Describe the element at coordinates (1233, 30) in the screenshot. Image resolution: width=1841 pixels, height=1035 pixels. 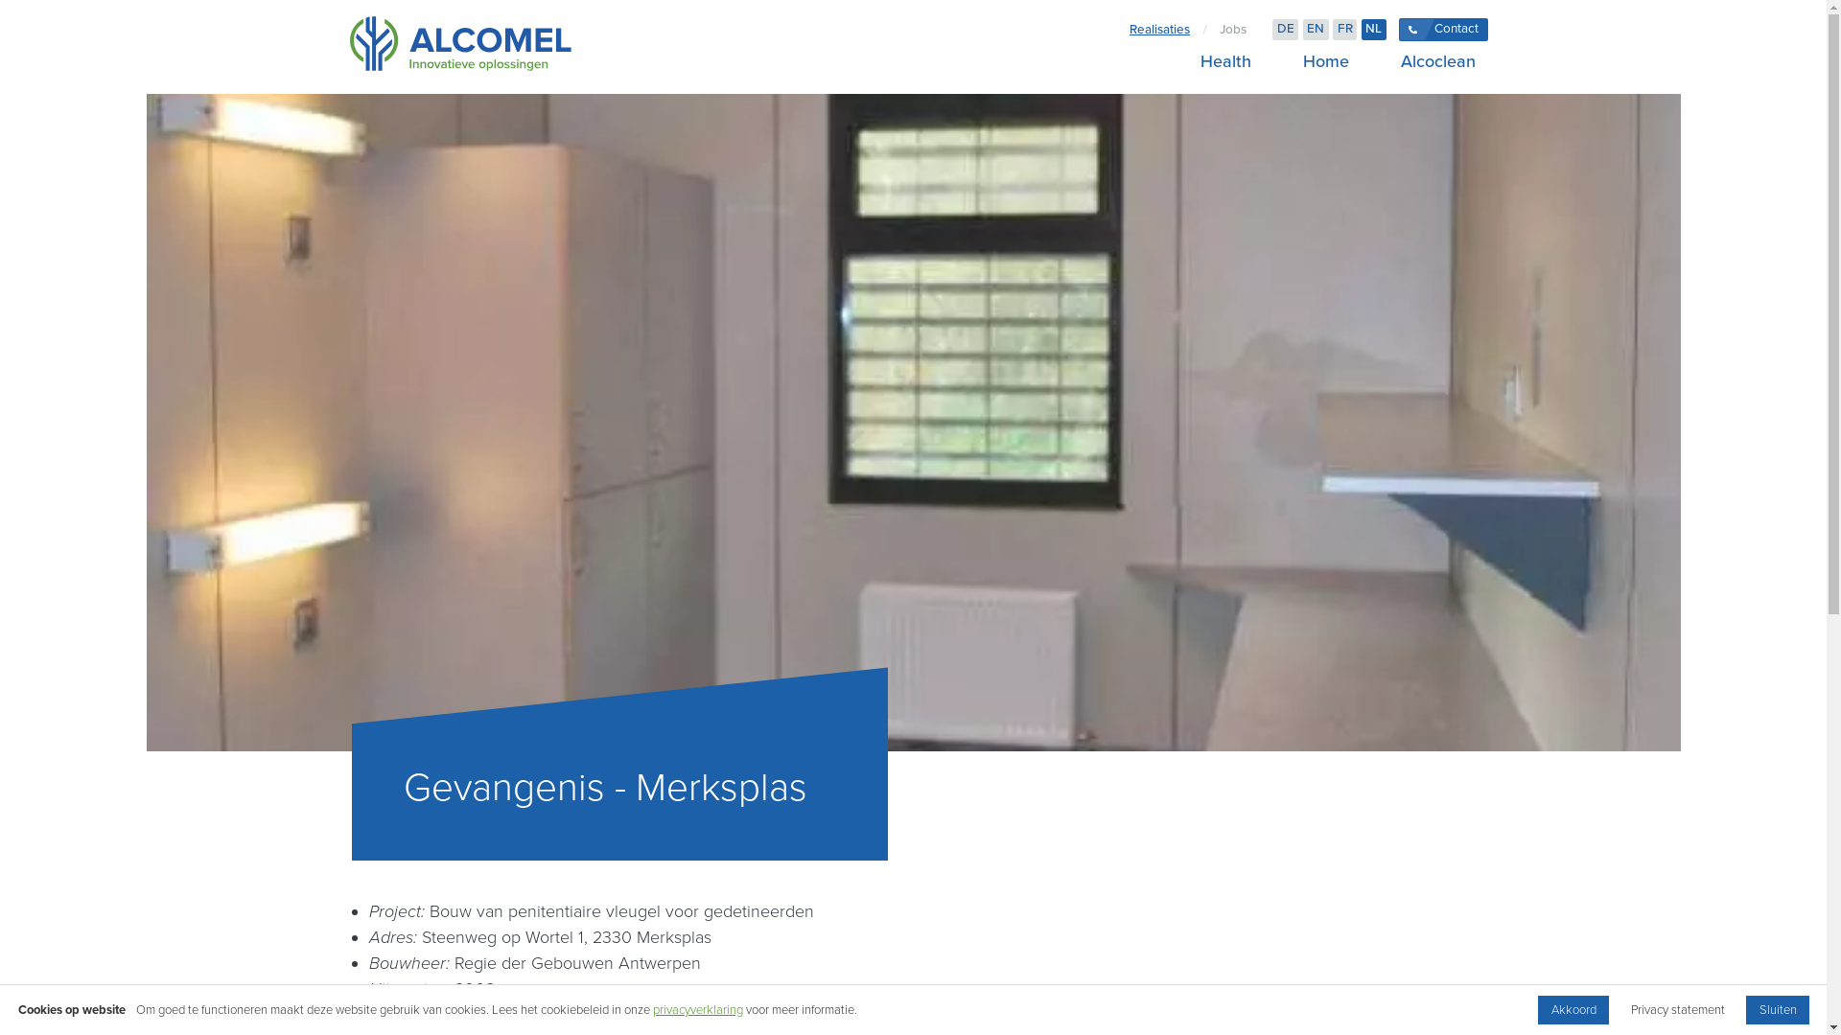
I see `'Jobs'` at that location.